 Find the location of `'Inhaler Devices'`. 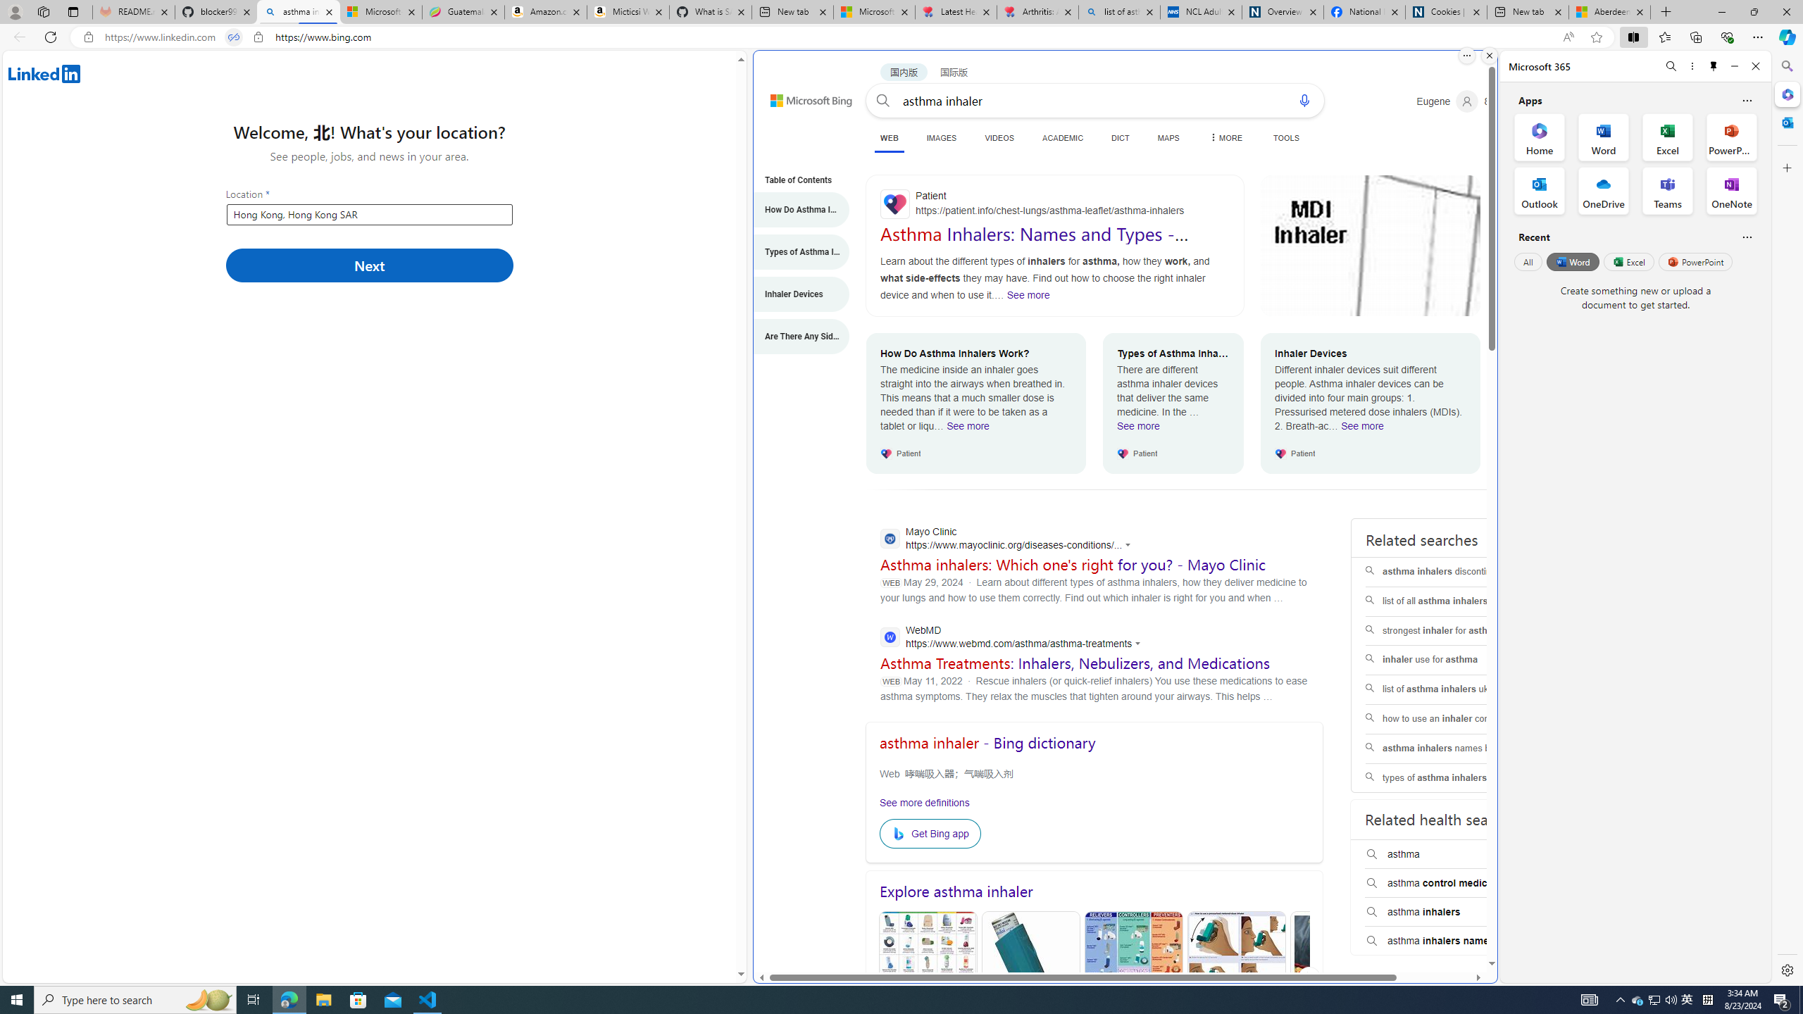

'Inhaler Devices' is located at coordinates (793, 294).